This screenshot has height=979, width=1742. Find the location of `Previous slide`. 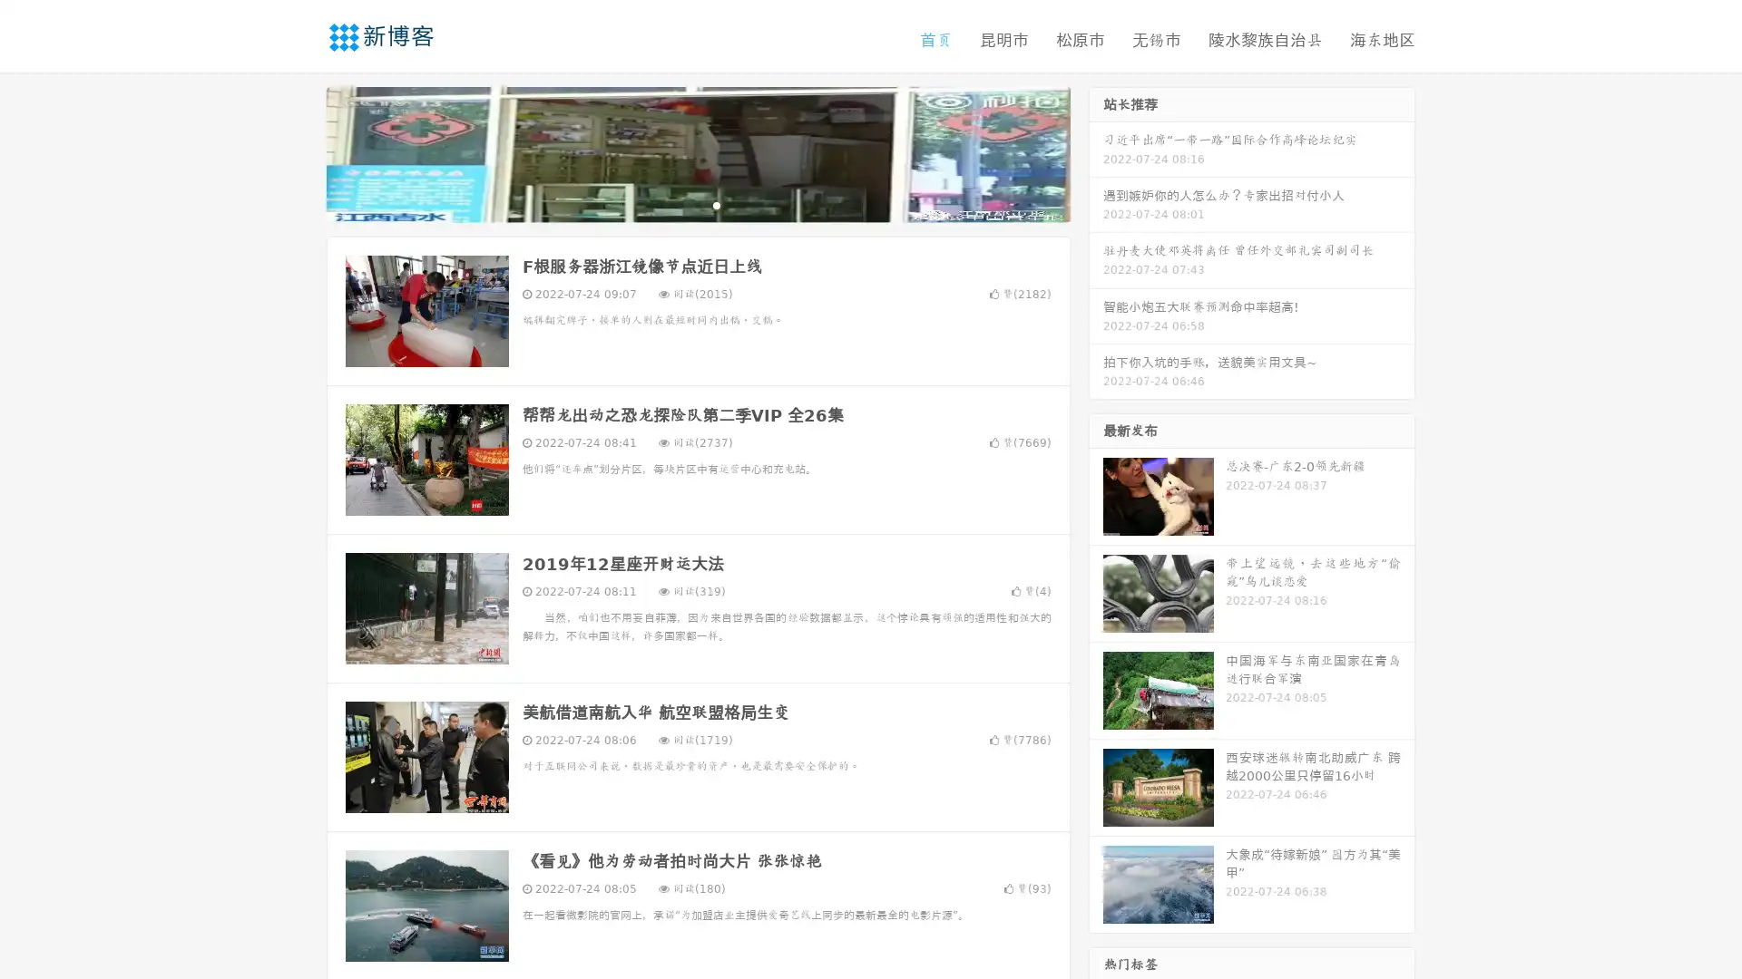

Previous slide is located at coordinates (299, 152).